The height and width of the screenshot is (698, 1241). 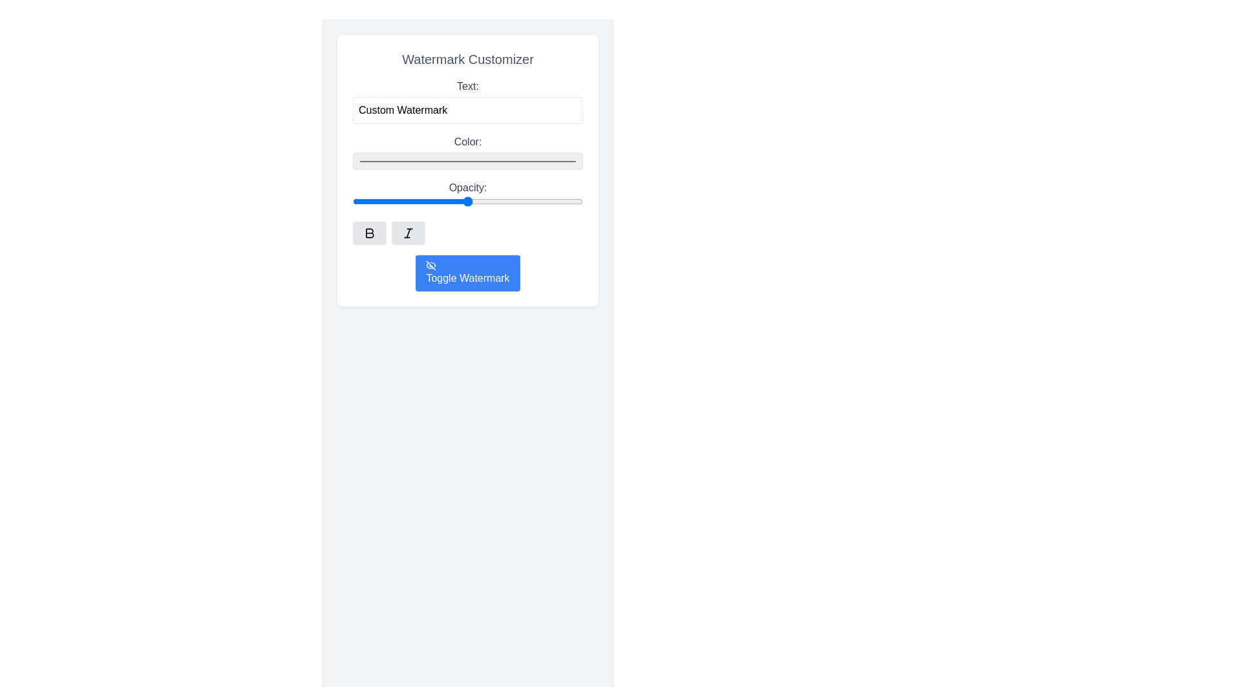 What do you see at coordinates (467, 160) in the screenshot?
I see `the color` at bounding box center [467, 160].